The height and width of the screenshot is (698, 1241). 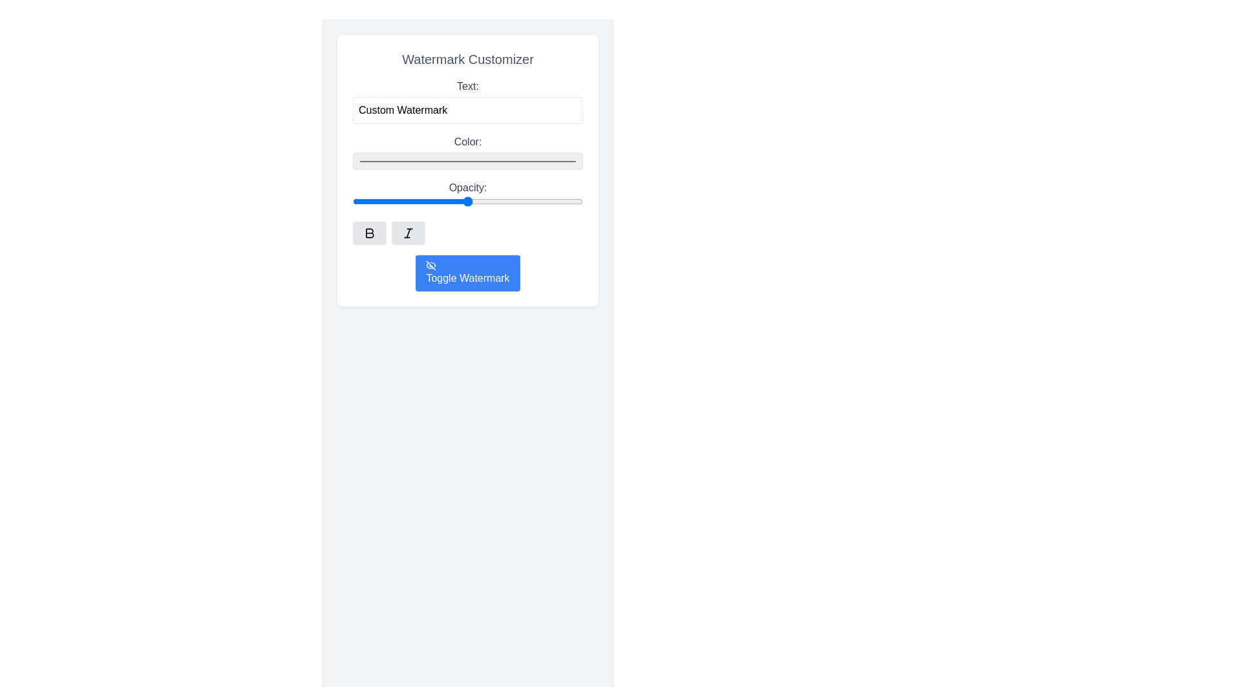 What do you see at coordinates (467, 160) in the screenshot?
I see `the color` at bounding box center [467, 160].